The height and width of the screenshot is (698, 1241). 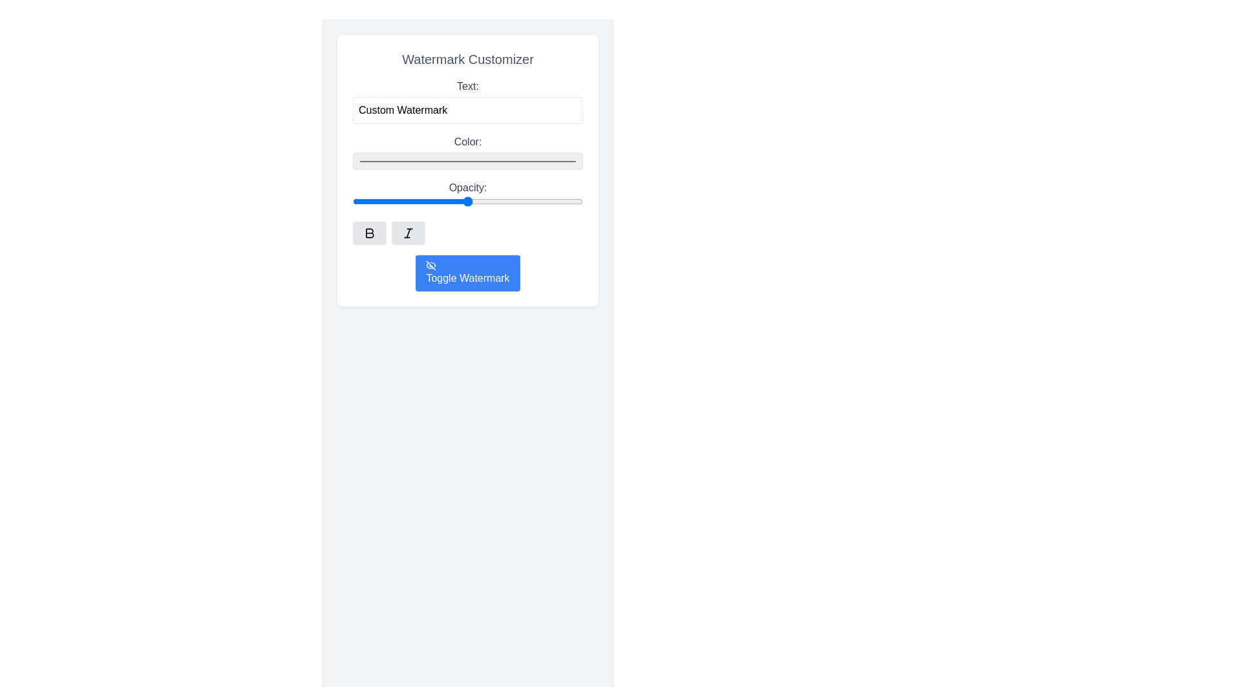 What do you see at coordinates (467, 160) in the screenshot?
I see `the color` at bounding box center [467, 160].